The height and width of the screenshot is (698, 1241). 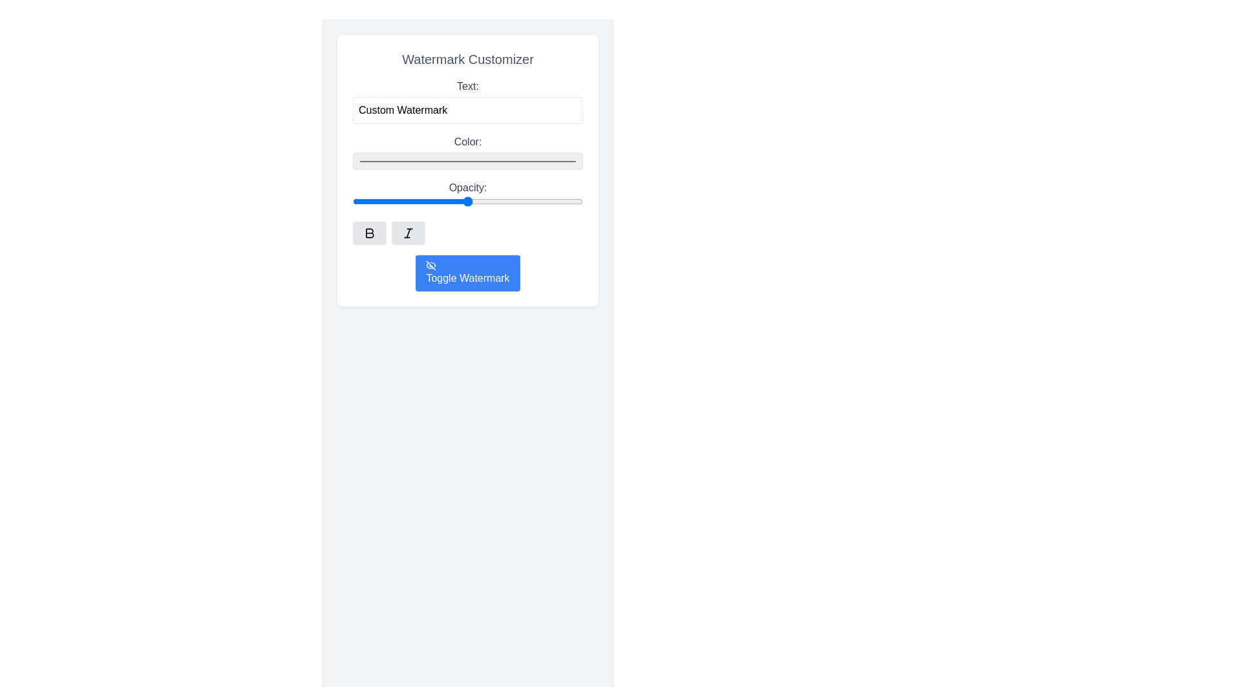 What do you see at coordinates (467, 160) in the screenshot?
I see `the color` at bounding box center [467, 160].